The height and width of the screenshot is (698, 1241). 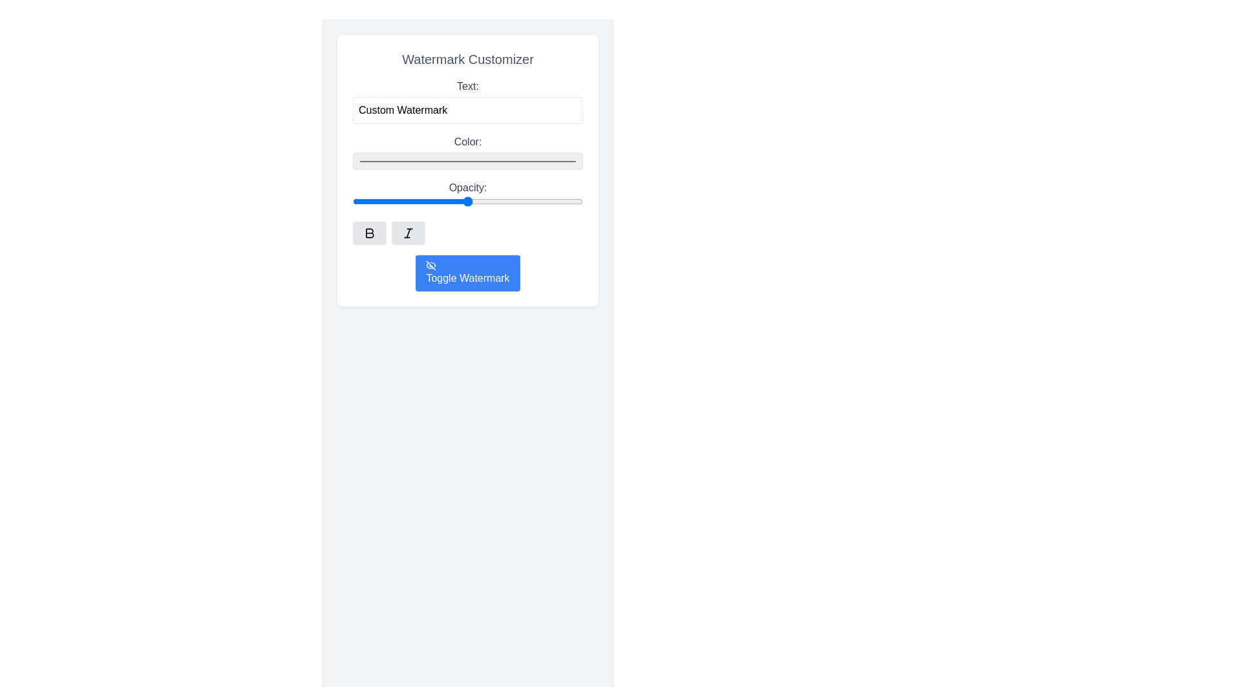 What do you see at coordinates (467, 160) in the screenshot?
I see `the color` at bounding box center [467, 160].